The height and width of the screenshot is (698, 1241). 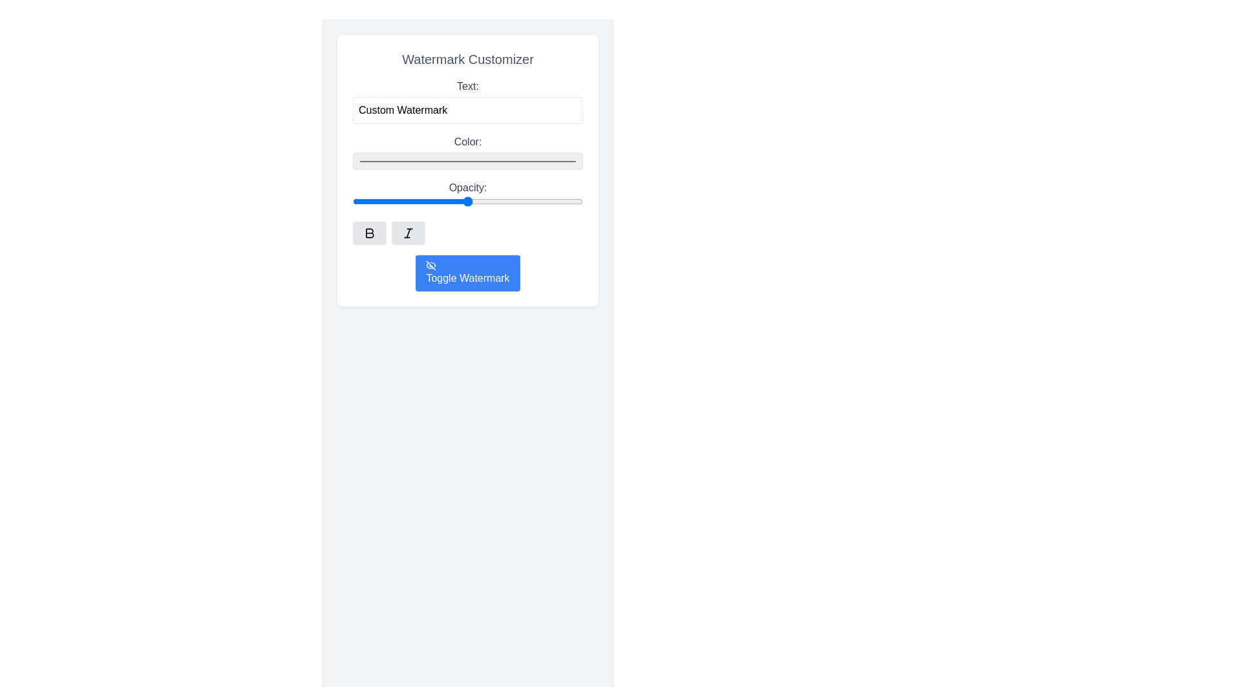 What do you see at coordinates (467, 160) in the screenshot?
I see `the color` at bounding box center [467, 160].